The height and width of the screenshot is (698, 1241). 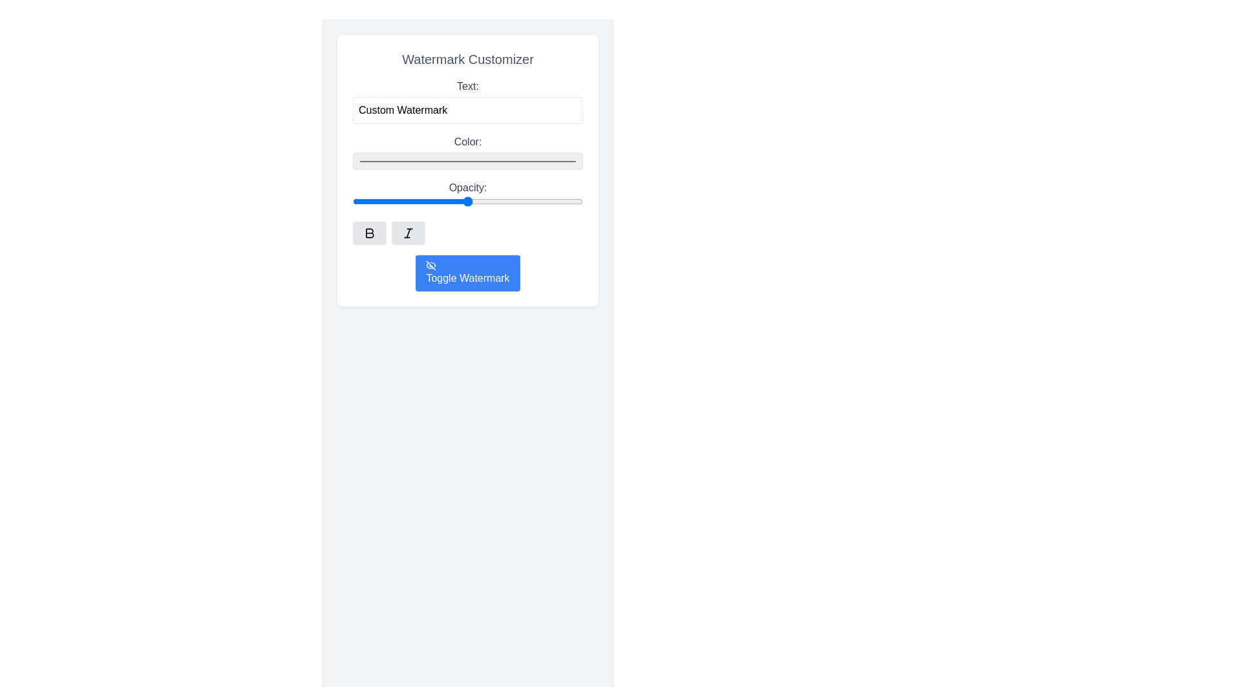 What do you see at coordinates (467, 160) in the screenshot?
I see `the color` at bounding box center [467, 160].